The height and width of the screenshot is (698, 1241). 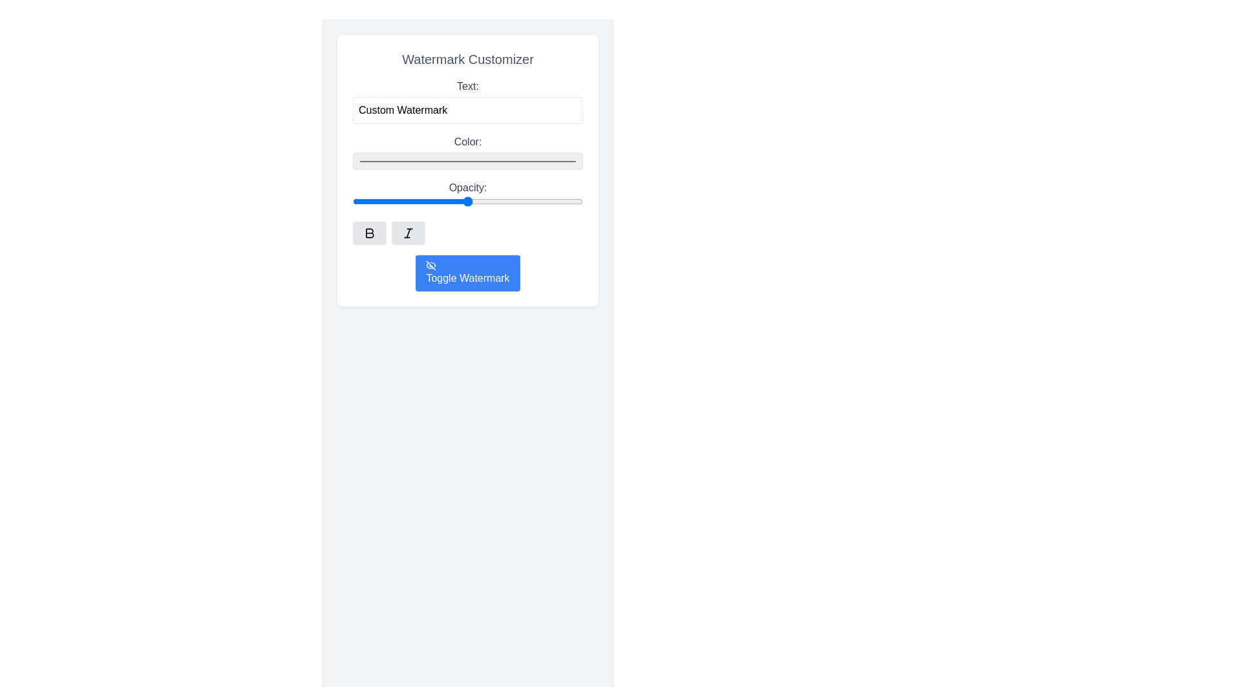 What do you see at coordinates (467, 160) in the screenshot?
I see `the color` at bounding box center [467, 160].